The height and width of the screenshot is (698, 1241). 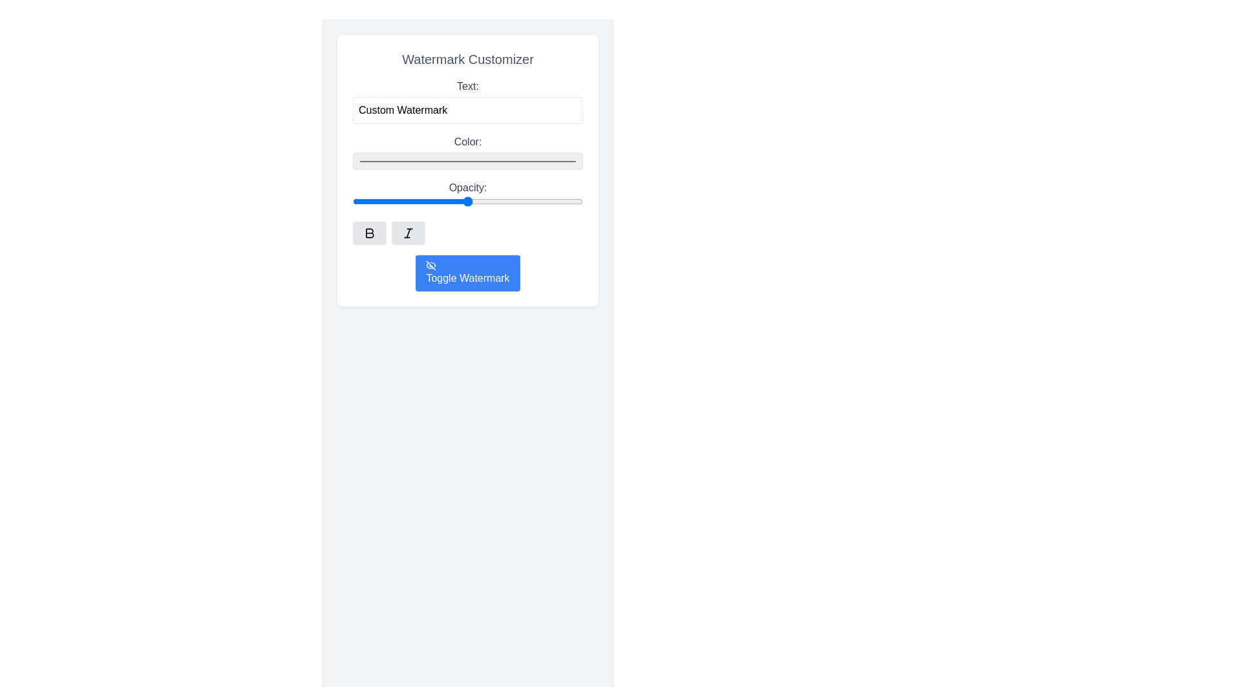 What do you see at coordinates (467, 160) in the screenshot?
I see `the color` at bounding box center [467, 160].